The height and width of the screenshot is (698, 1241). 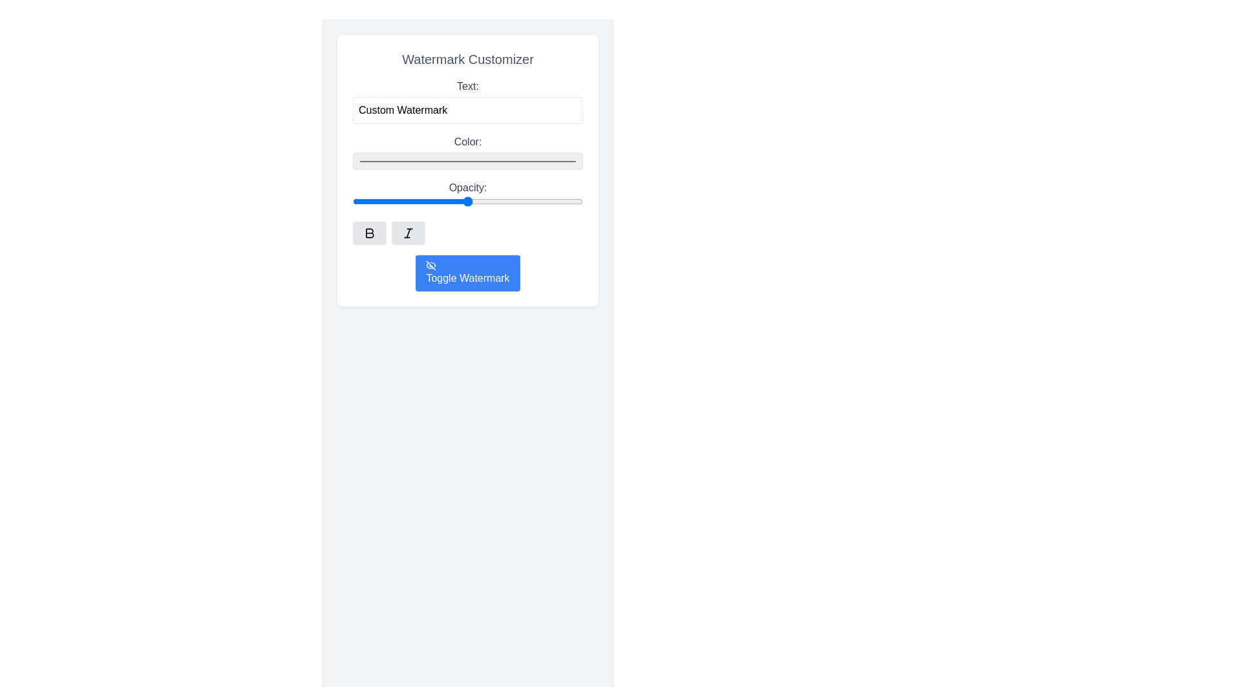 What do you see at coordinates (467, 160) in the screenshot?
I see `the color` at bounding box center [467, 160].